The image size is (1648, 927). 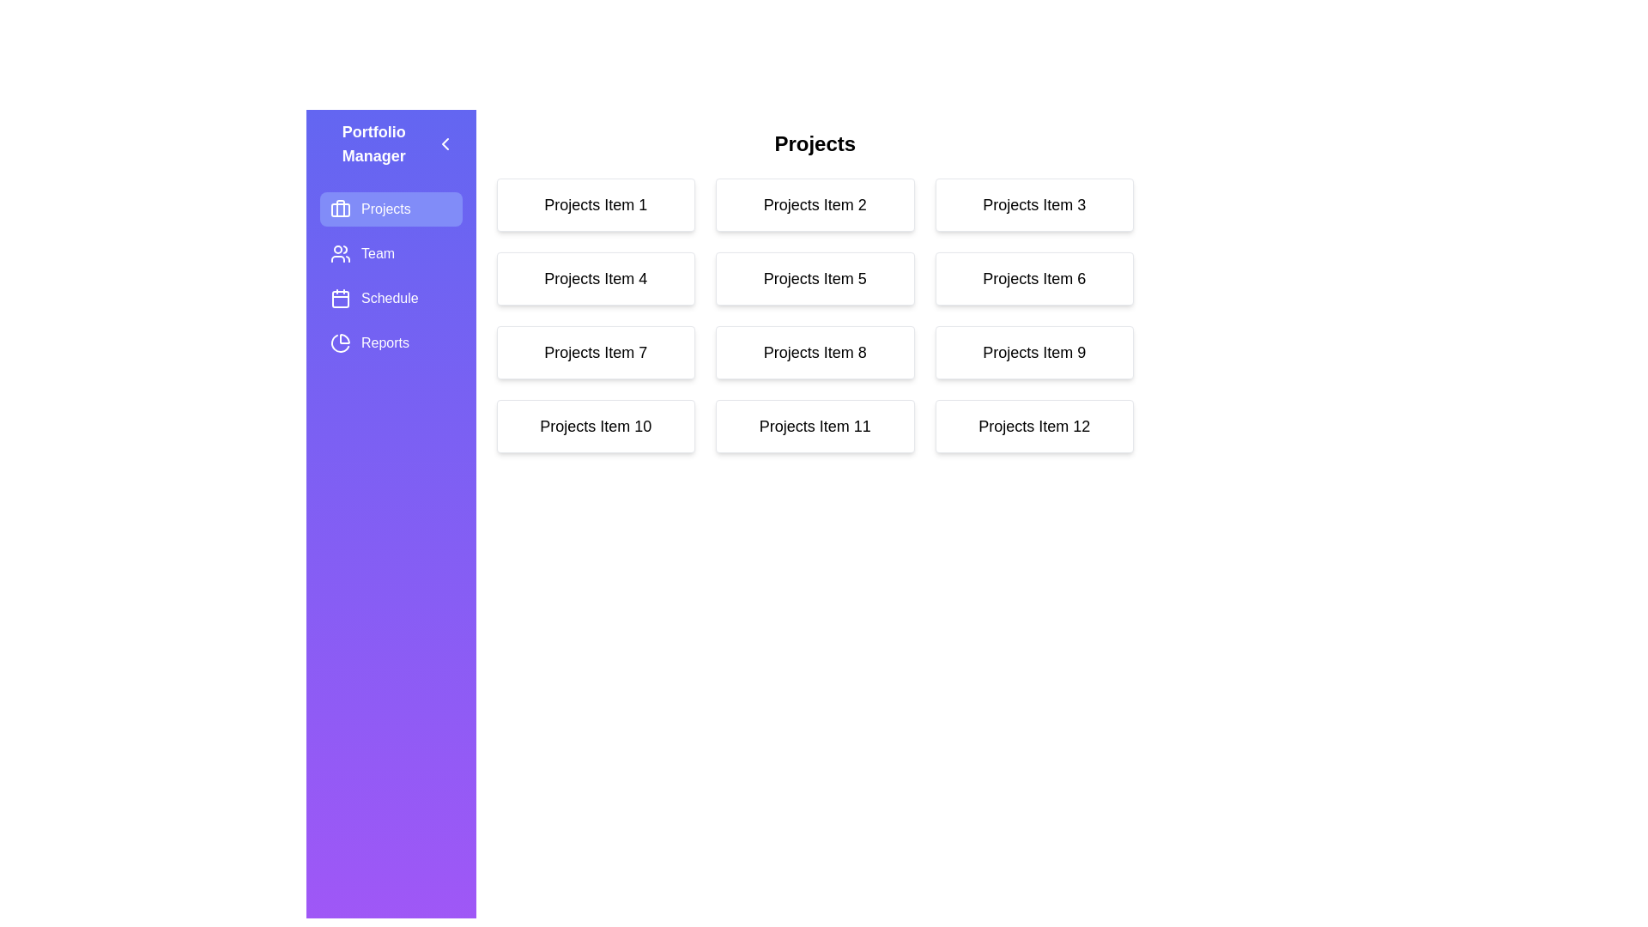 What do you see at coordinates (390, 297) in the screenshot?
I see `the element Schedule to observe its visual feedback` at bounding box center [390, 297].